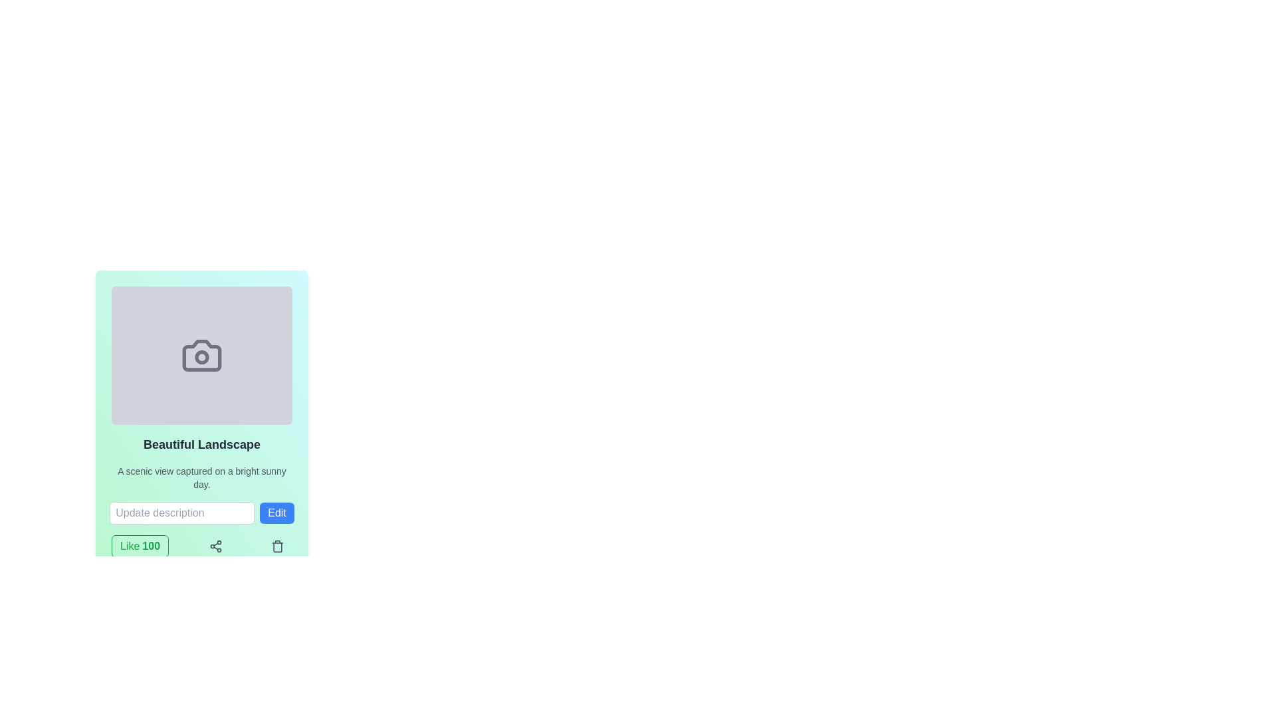  What do you see at coordinates (201, 355) in the screenshot?
I see `the Image Placeholder element located above the text 'Beautiful Landscape' and 'A scenic view captured on a bright sunny day.'` at bounding box center [201, 355].